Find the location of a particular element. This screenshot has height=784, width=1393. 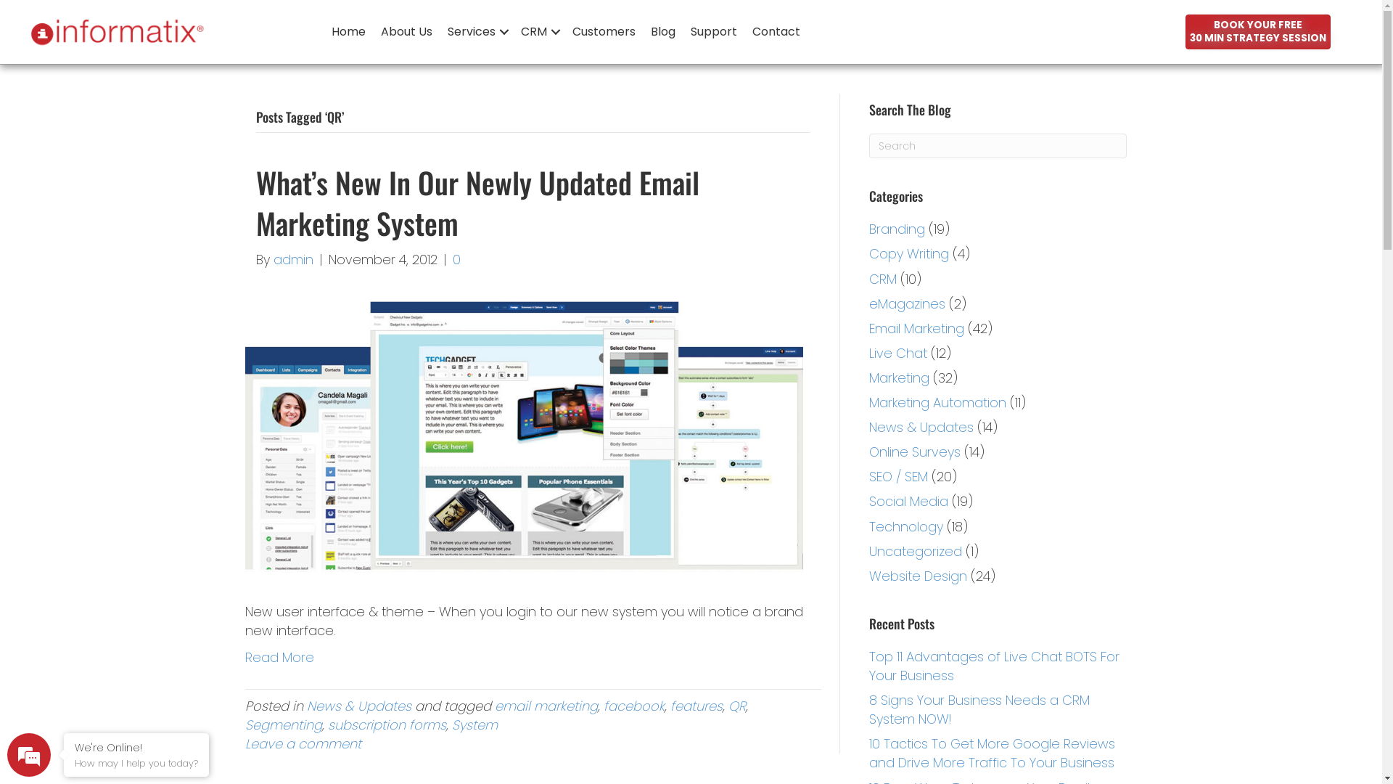

'Customers' is located at coordinates (564, 31).